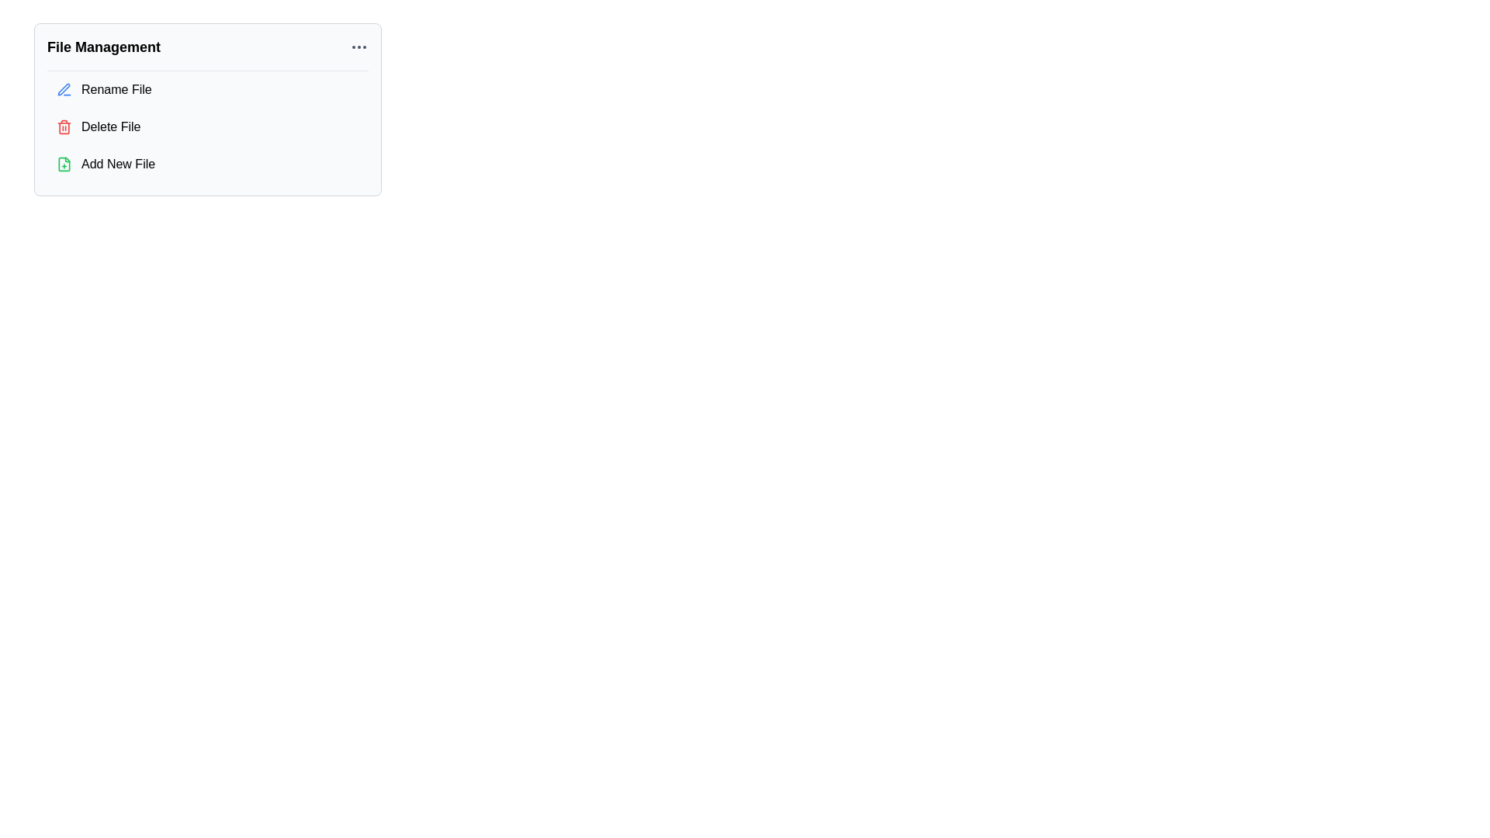 This screenshot has height=838, width=1490. Describe the element at coordinates (207, 126) in the screenshot. I see `the 'Delete File' option` at that location.